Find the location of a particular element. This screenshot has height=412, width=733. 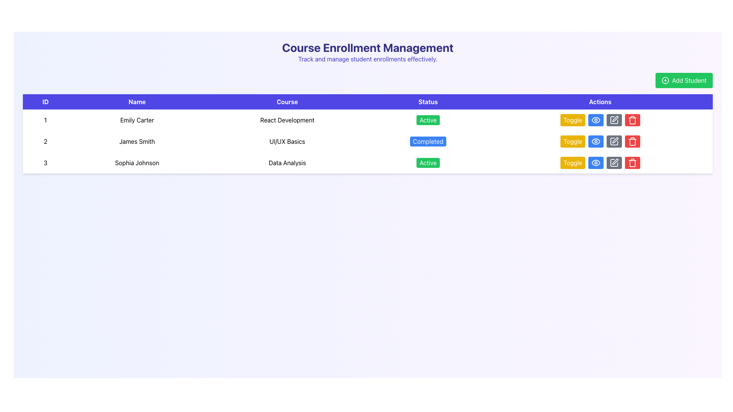

the button that toggles the status or feature of 'Emily Carter' in the 'Actions' column of the first row, located to the left of the blue 'eye' icon button is located at coordinates (600, 120).